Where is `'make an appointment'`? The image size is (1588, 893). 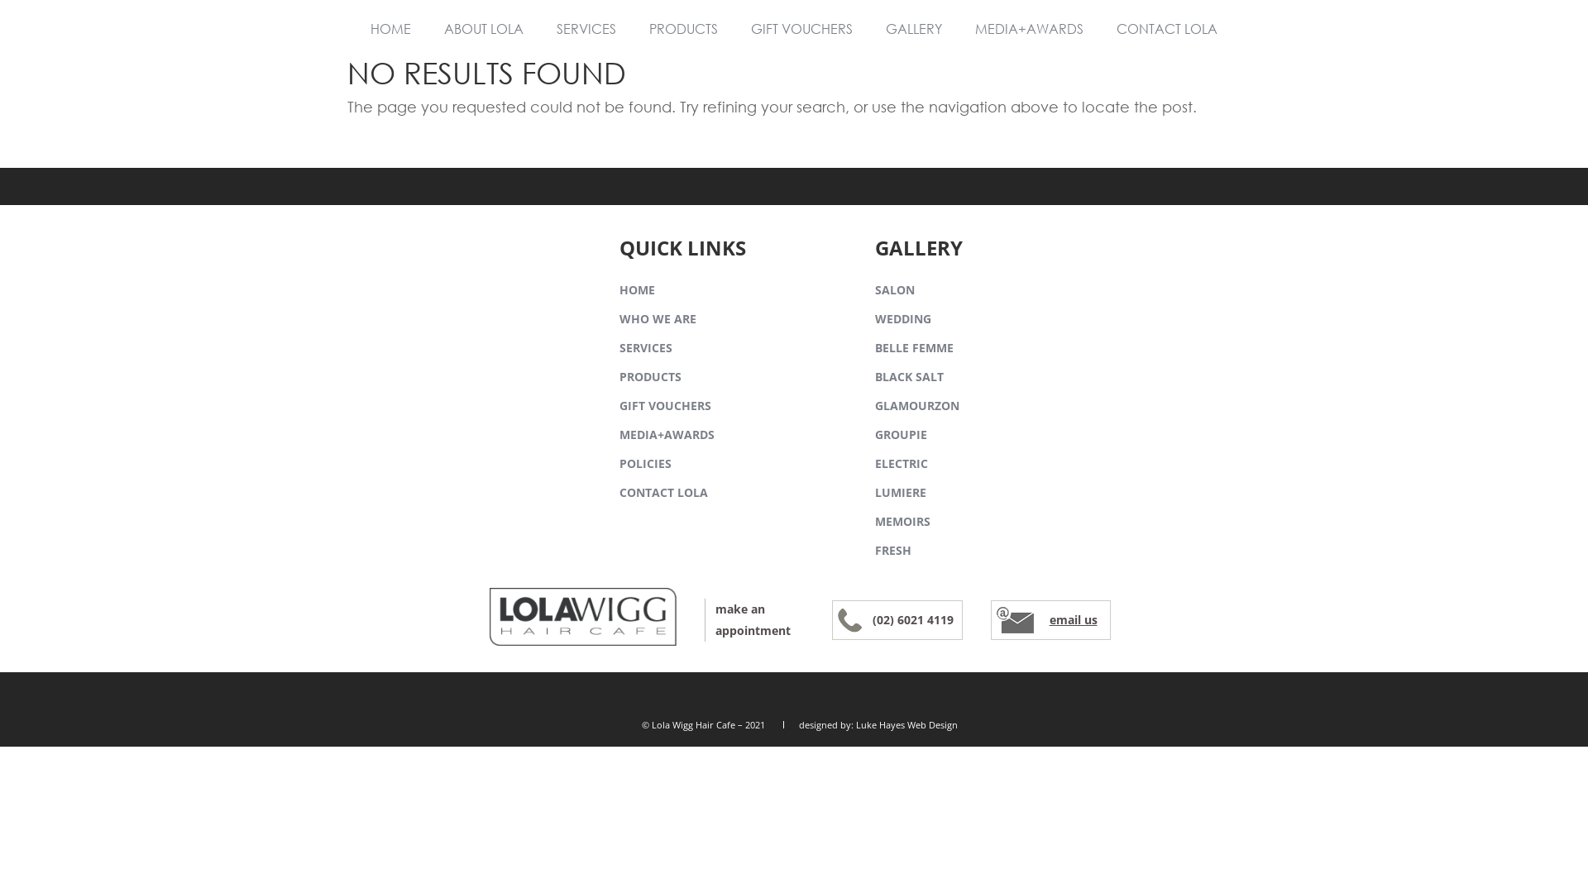 'make an appointment' is located at coordinates (753, 619).